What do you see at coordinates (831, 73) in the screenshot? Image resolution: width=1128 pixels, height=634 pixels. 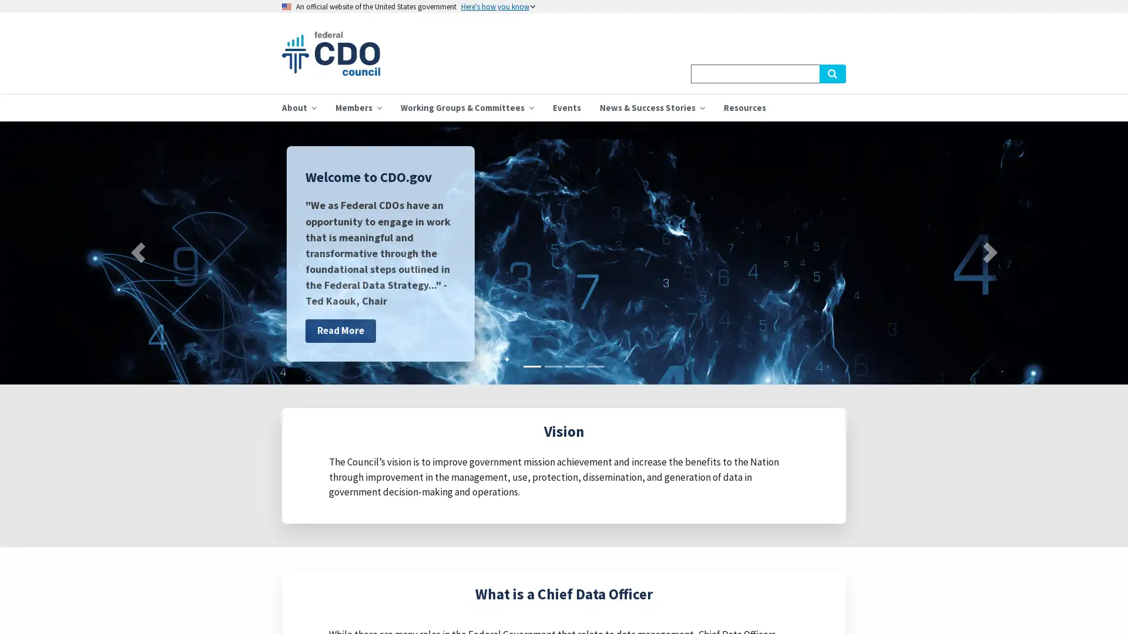 I see `Search` at bounding box center [831, 73].